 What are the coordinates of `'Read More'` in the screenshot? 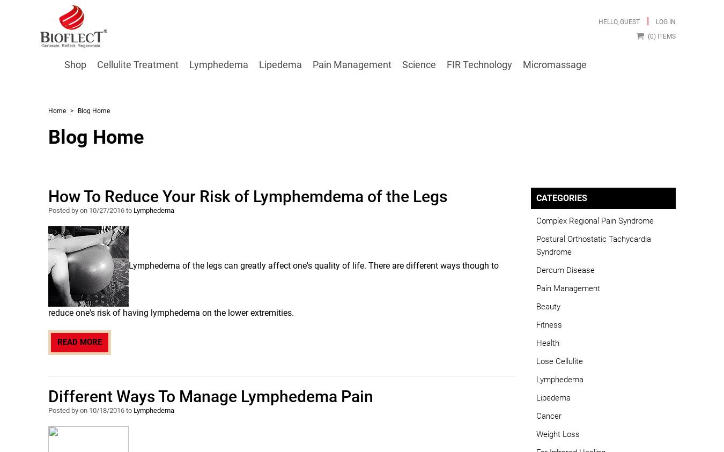 It's located at (79, 341).